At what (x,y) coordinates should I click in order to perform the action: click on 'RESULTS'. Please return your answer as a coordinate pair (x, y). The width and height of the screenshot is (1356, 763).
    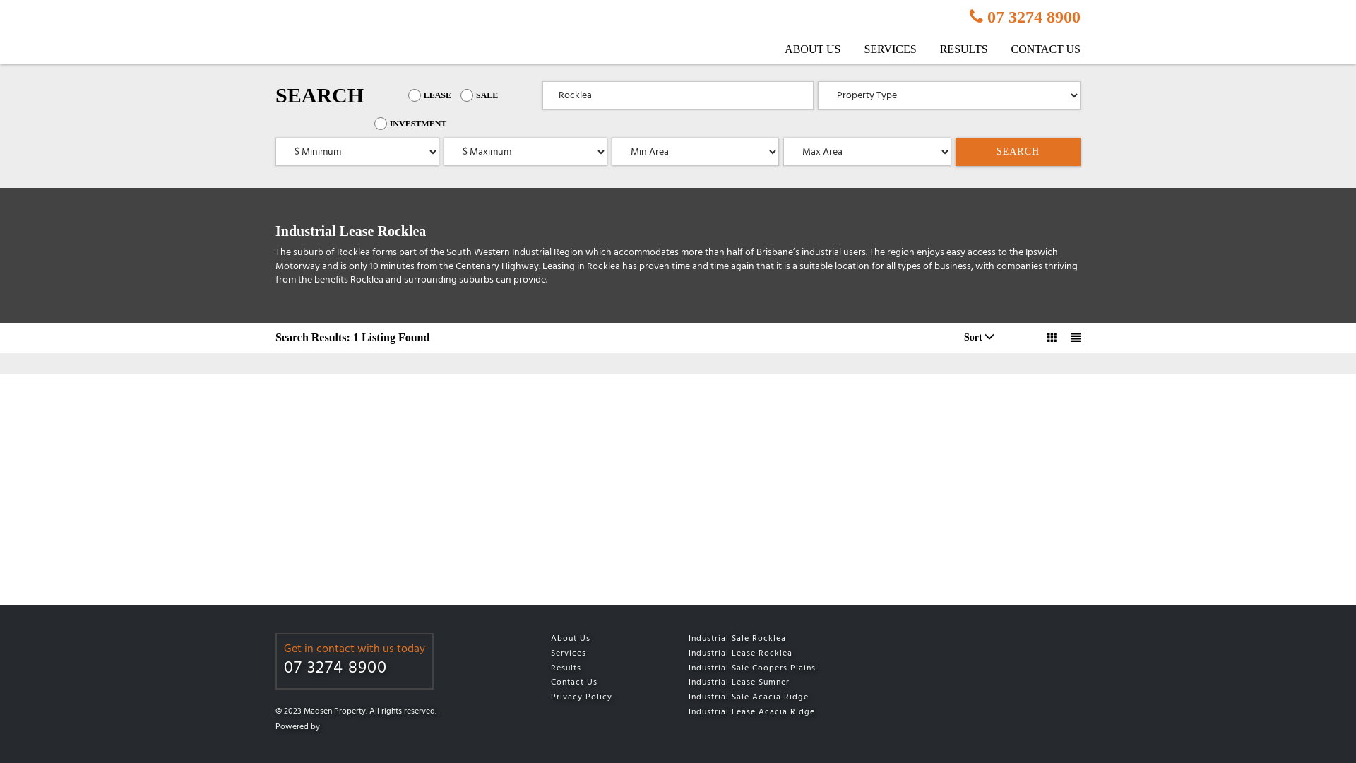
    Looking at the image, I should click on (953, 48).